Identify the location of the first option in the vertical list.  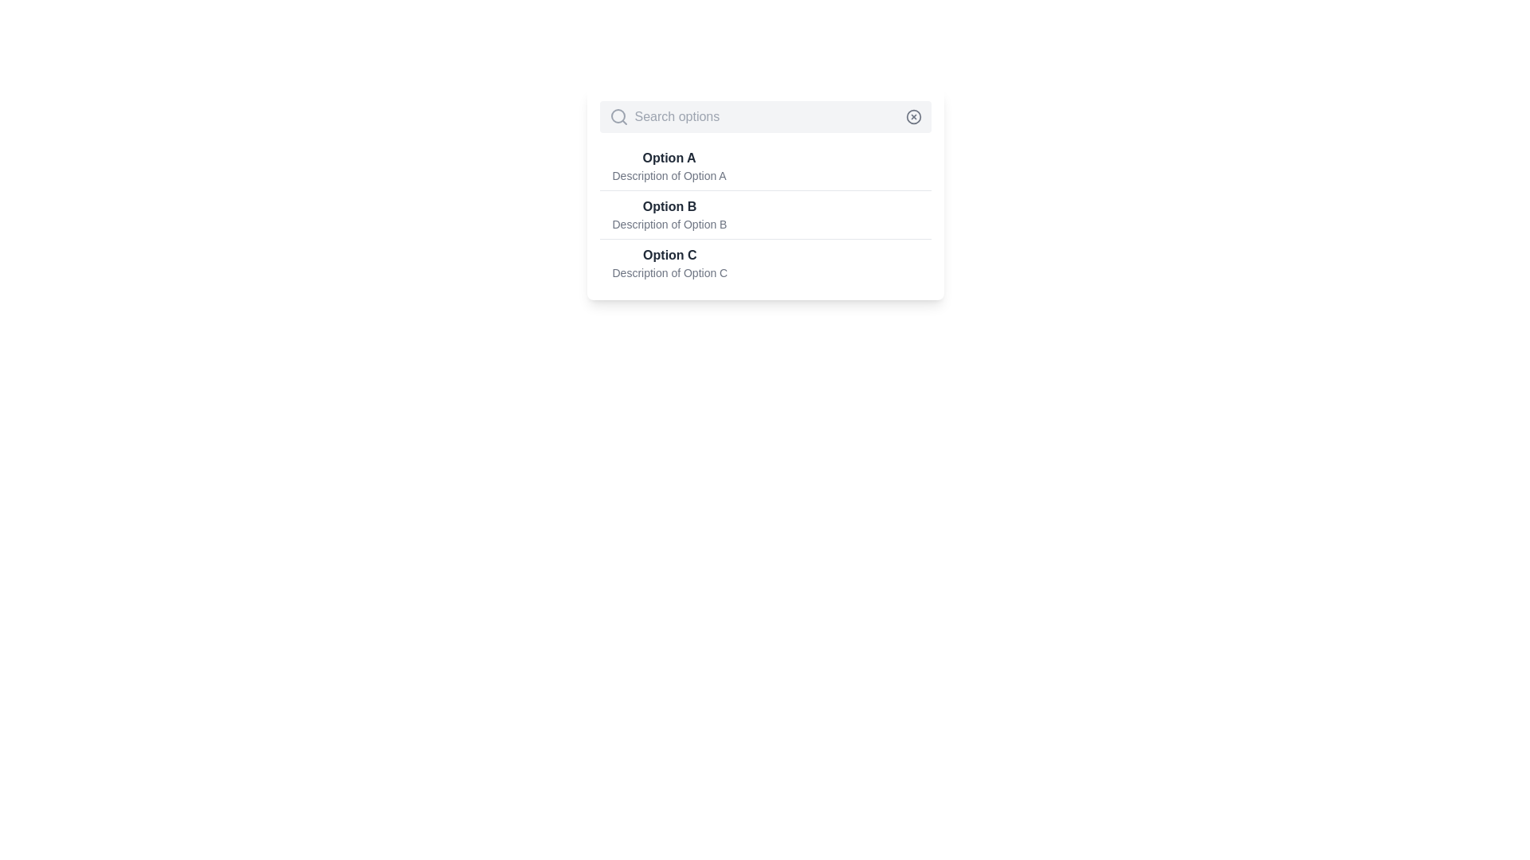
(765, 166).